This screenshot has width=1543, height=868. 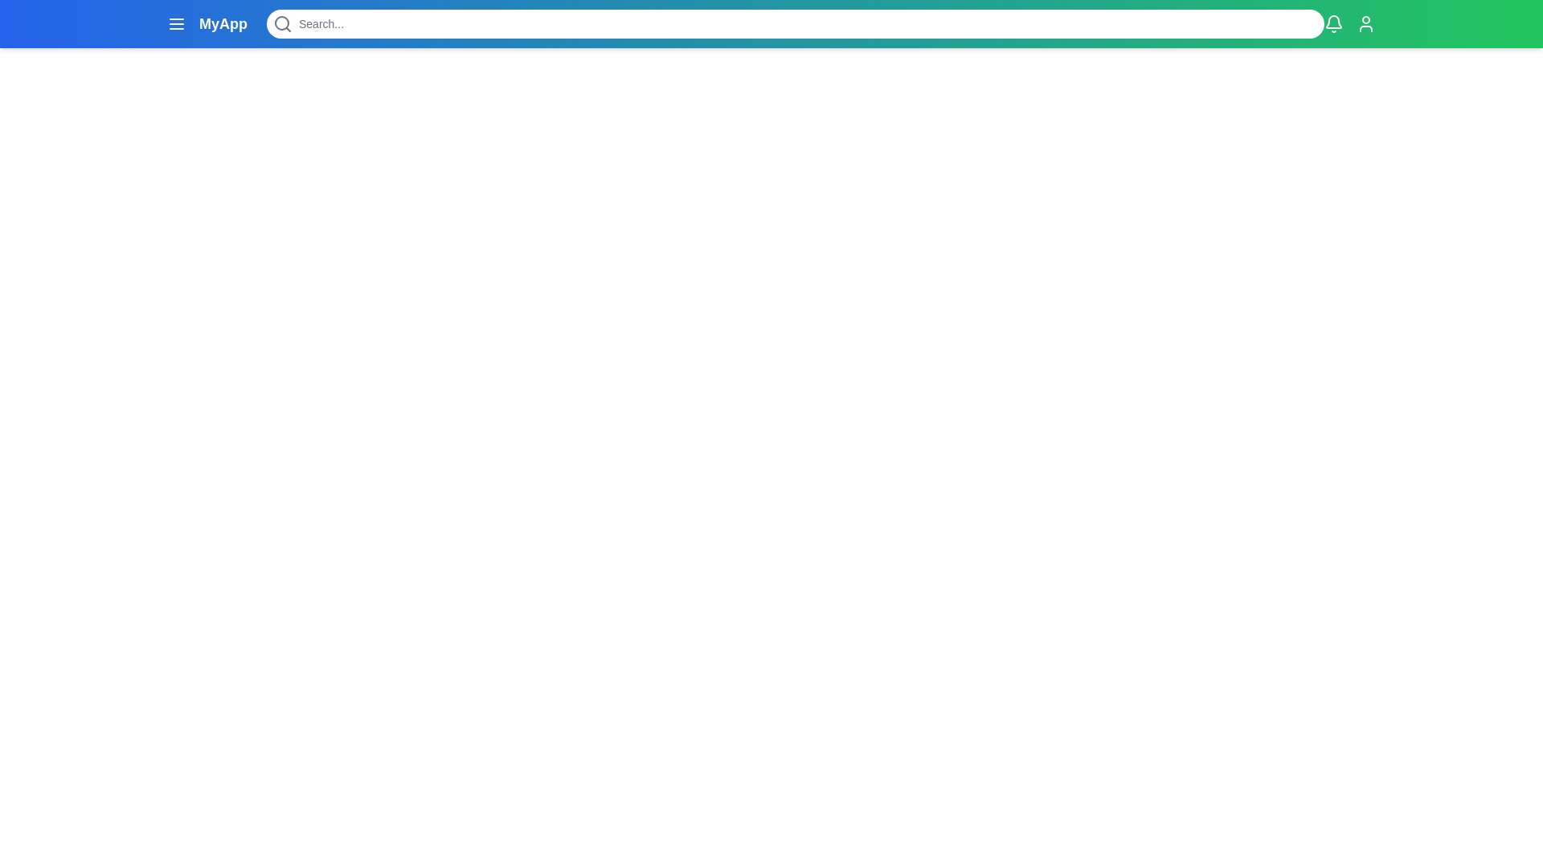 What do you see at coordinates (1334, 24) in the screenshot?
I see `the bell icon located at the top-right corner of the interface` at bounding box center [1334, 24].